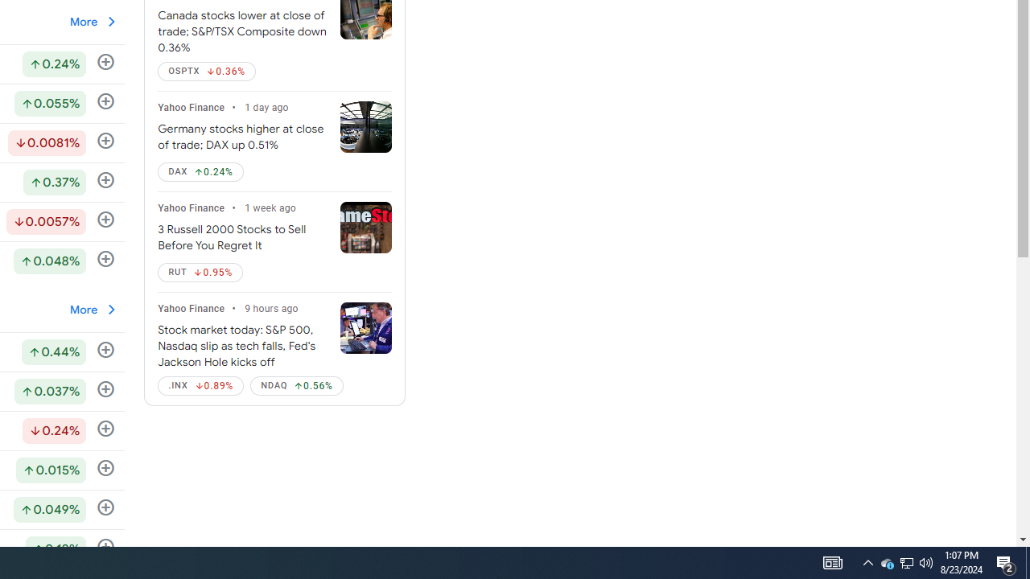  I want to click on 'More', so click(93, 310).